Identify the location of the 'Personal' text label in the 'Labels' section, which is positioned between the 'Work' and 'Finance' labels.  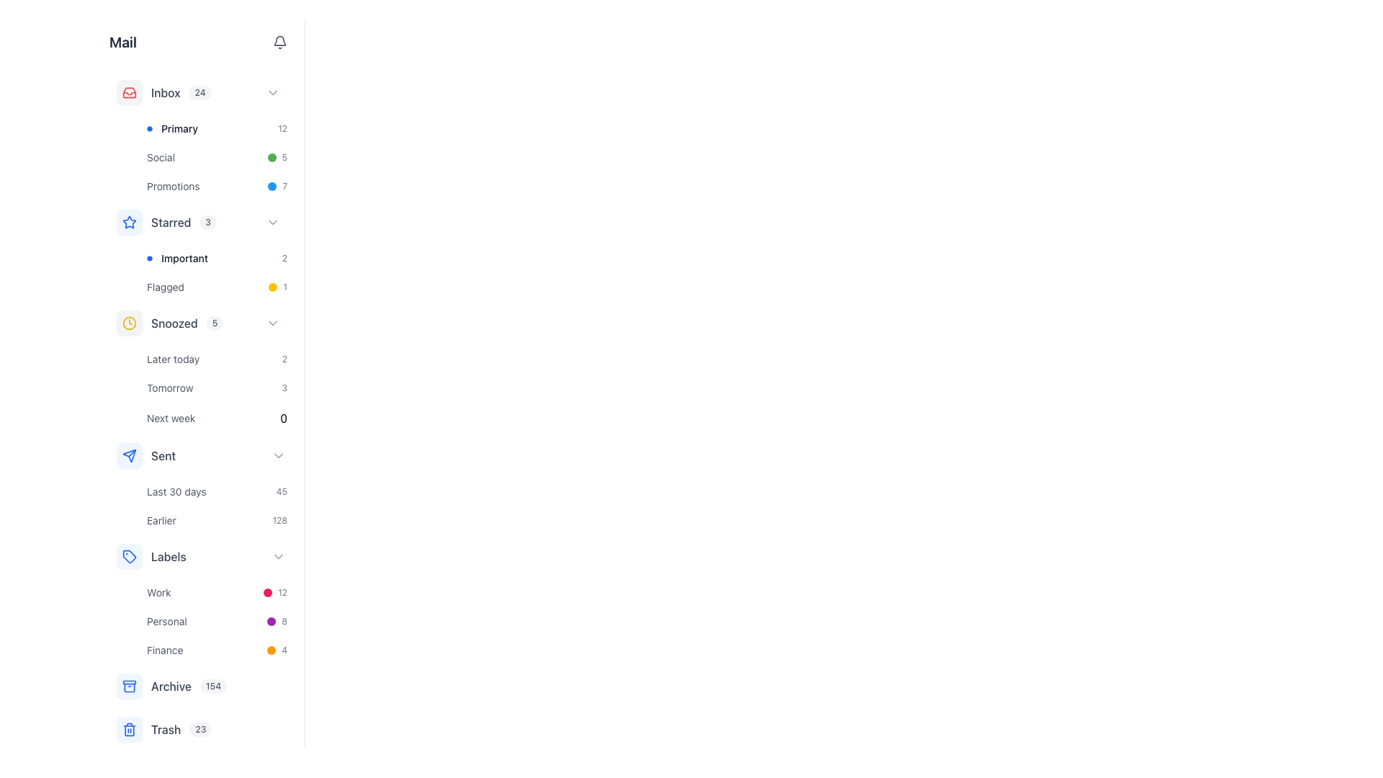
(166, 621).